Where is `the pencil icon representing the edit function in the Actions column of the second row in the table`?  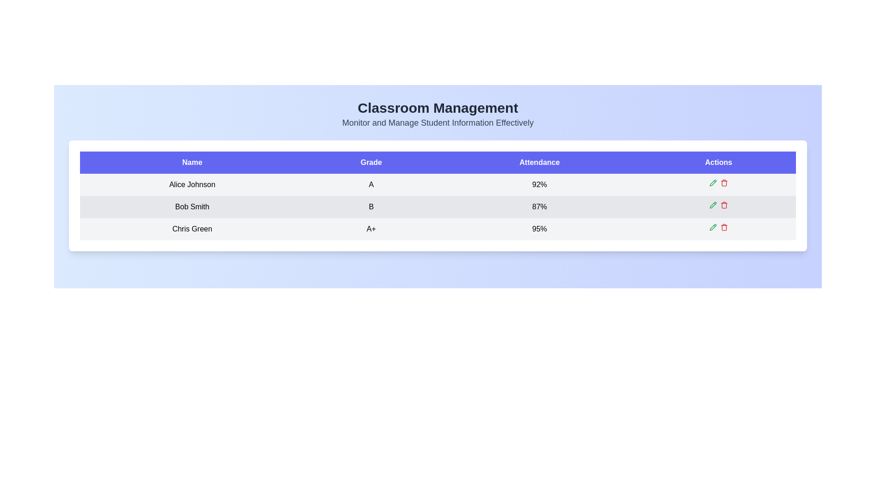
the pencil icon representing the edit function in the Actions column of the second row in the table is located at coordinates (712, 204).